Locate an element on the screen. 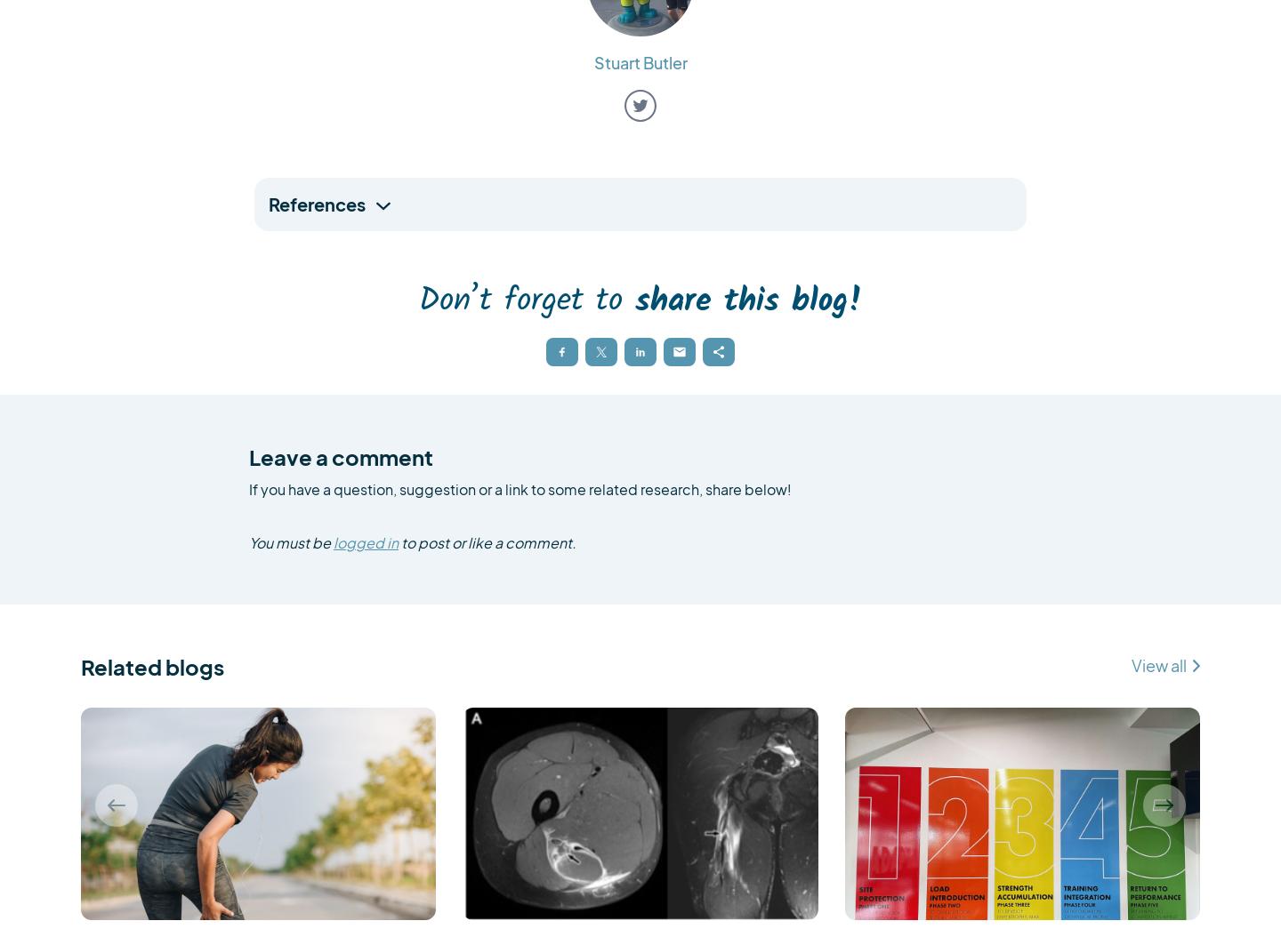 Image resolution: width=1281 pixels, height=937 pixels. 'References' is located at coordinates (268, 203).